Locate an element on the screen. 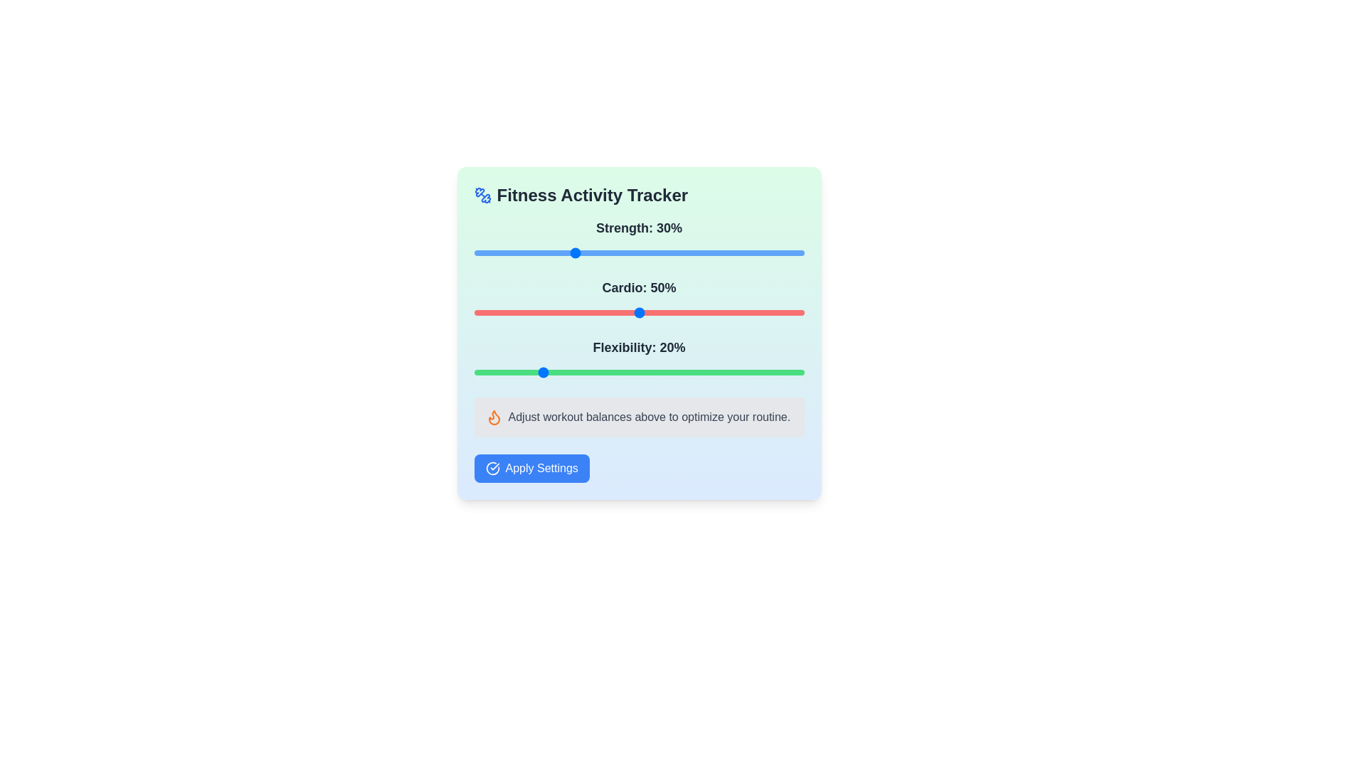 The height and width of the screenshot is (768, 1366). cardio level is located at coordinates (477, 311).